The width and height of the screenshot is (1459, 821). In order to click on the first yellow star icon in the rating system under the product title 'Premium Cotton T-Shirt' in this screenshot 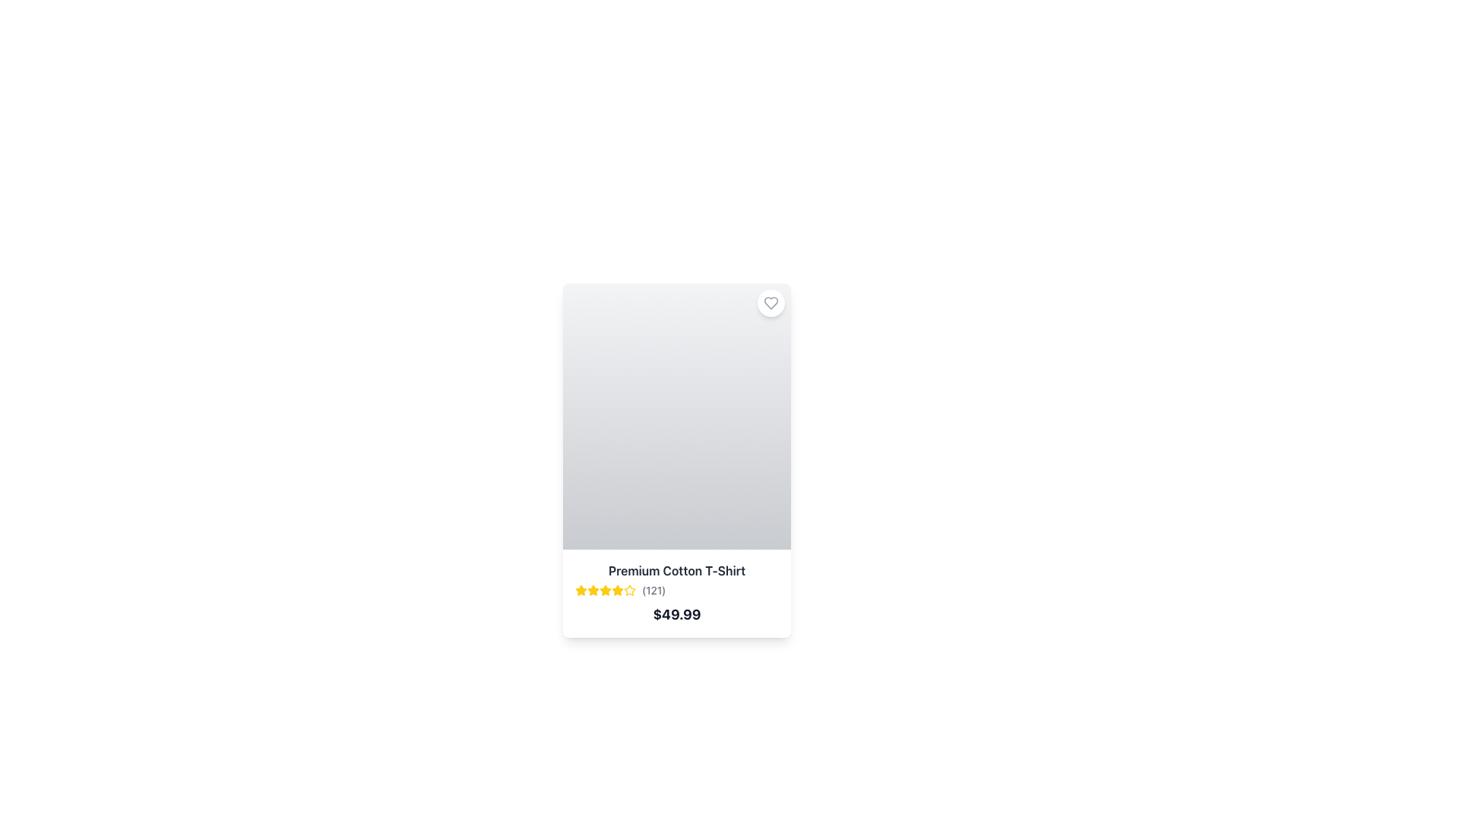, I will do `click(580, 589)`.